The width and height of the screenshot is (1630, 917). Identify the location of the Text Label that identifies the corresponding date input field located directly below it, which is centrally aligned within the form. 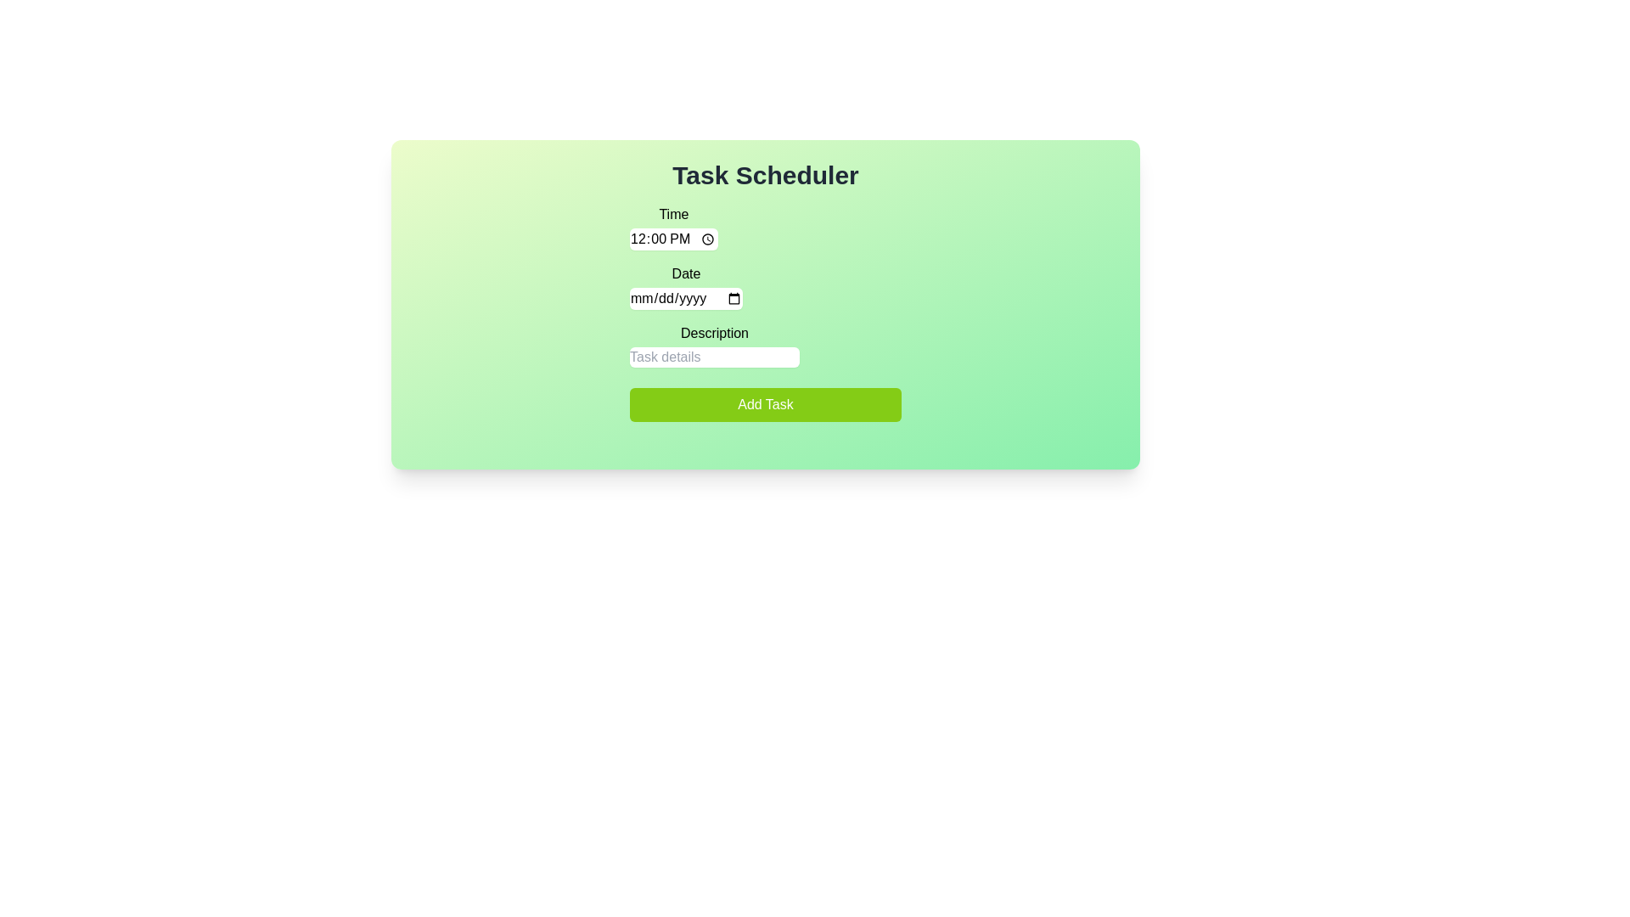
(686, 273).